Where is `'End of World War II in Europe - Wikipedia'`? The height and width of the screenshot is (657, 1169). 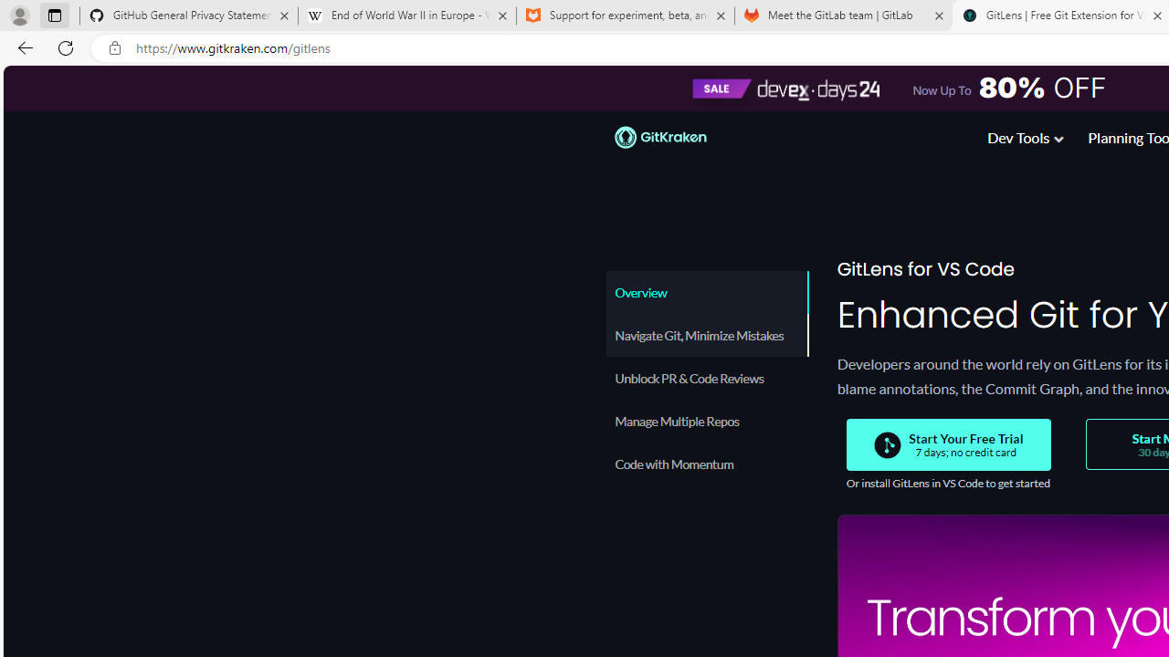 'End of World War II in Europe - Wikipedia' is located at coordinates (405, 16).